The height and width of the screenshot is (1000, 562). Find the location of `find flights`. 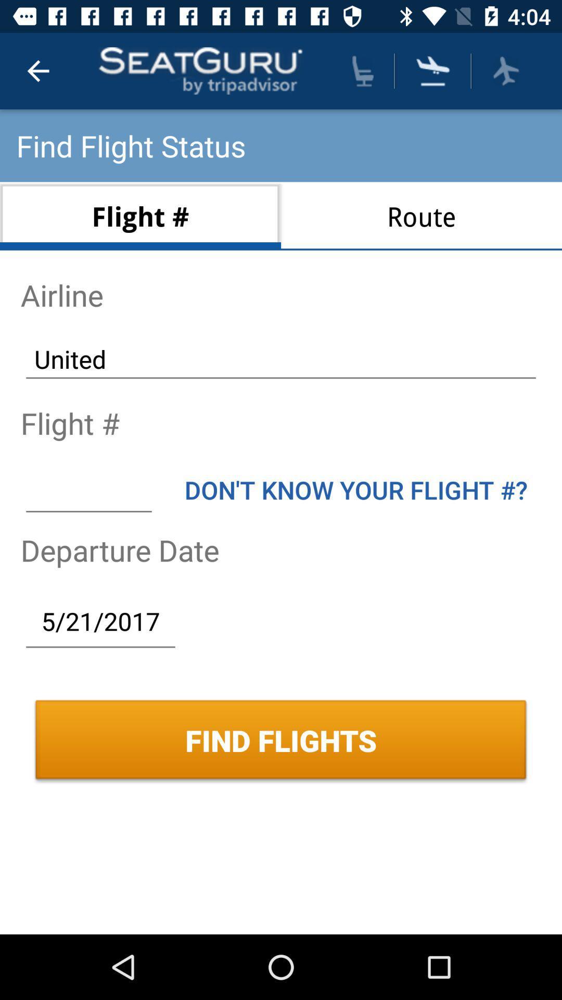

find flights is located at coordinates (433, 70).